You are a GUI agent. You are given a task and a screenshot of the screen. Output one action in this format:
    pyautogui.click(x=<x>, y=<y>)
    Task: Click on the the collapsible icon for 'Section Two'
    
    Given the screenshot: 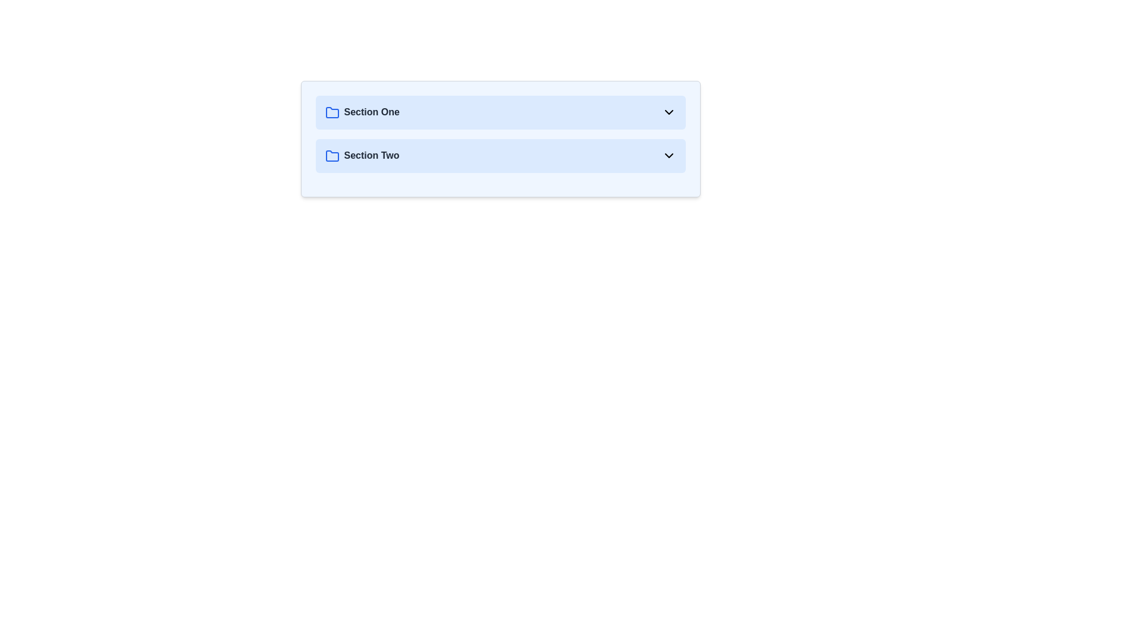 What is the action you would take?
    pyautogui.click(x=669, y=155)
    